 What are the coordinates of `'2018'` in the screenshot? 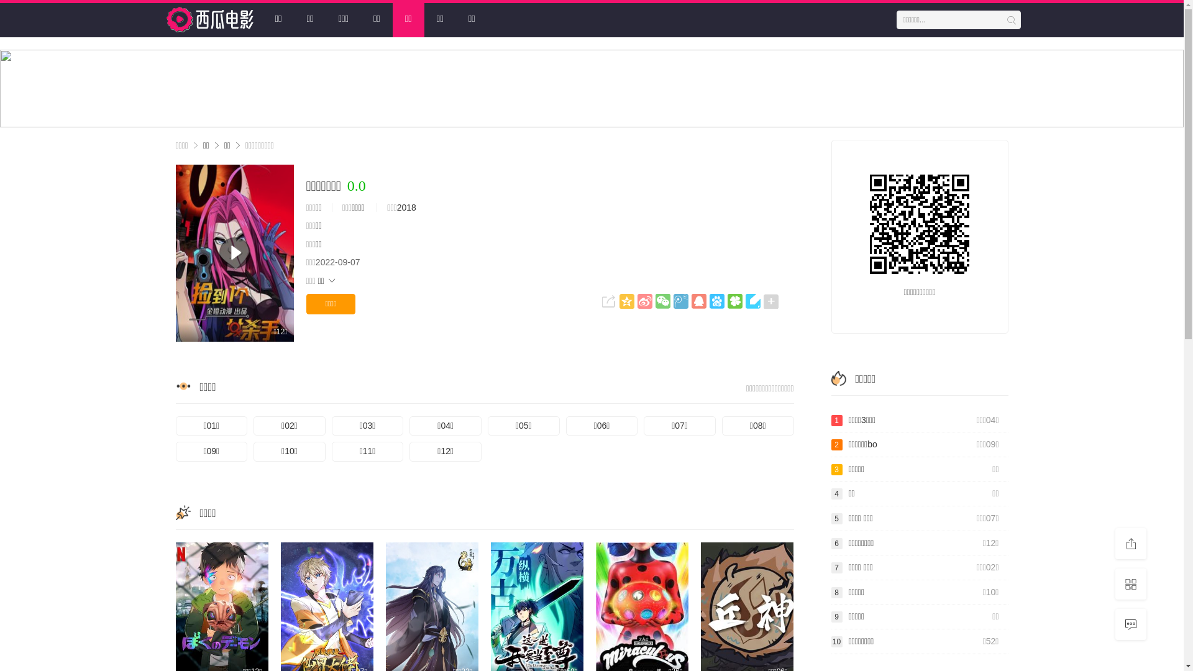 It's located at (396, 207).